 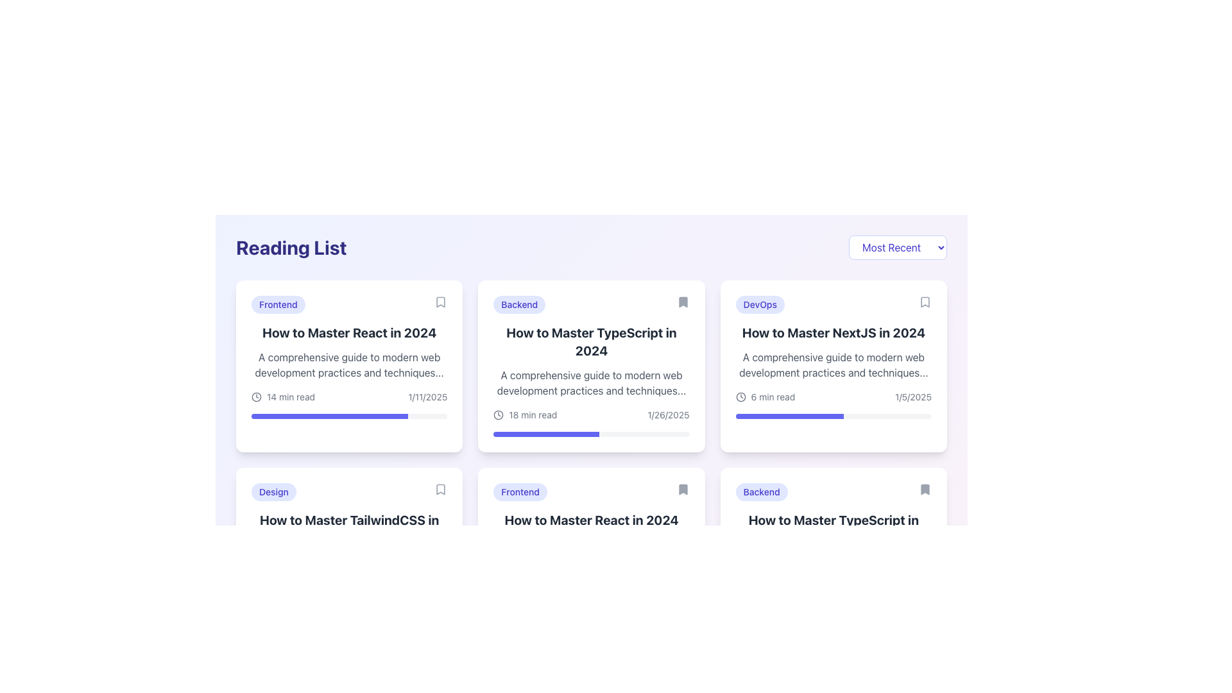 I want to click on the third card in the 'Reading List' section that provides an overview of an article about mastering NextJS in 2024, so click(x=834, y=366).